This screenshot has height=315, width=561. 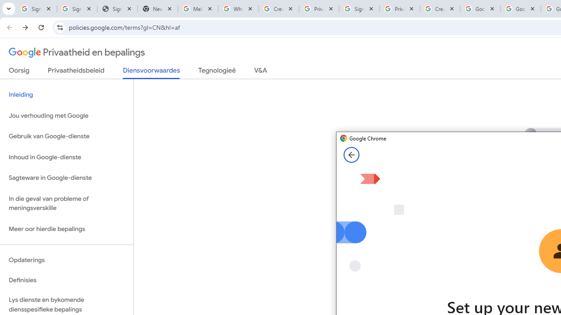 What do you see at coordinates (66, 203) in the screenshot?
I see `'In die geval van probleme of meningsverskille'` at bounding box center [66, 203].